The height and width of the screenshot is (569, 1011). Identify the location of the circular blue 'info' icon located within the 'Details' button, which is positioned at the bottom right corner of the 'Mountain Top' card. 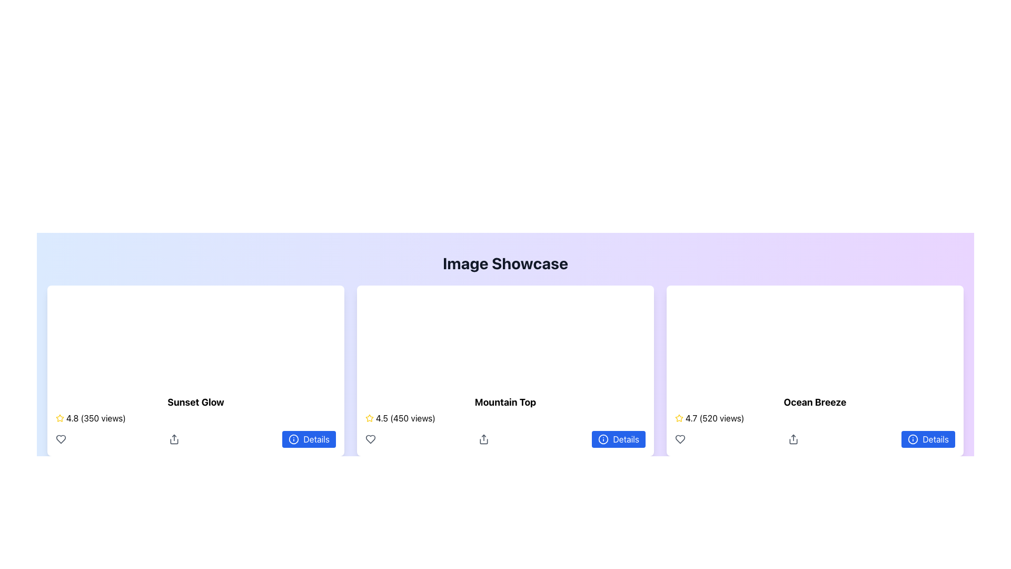
(603, 439).